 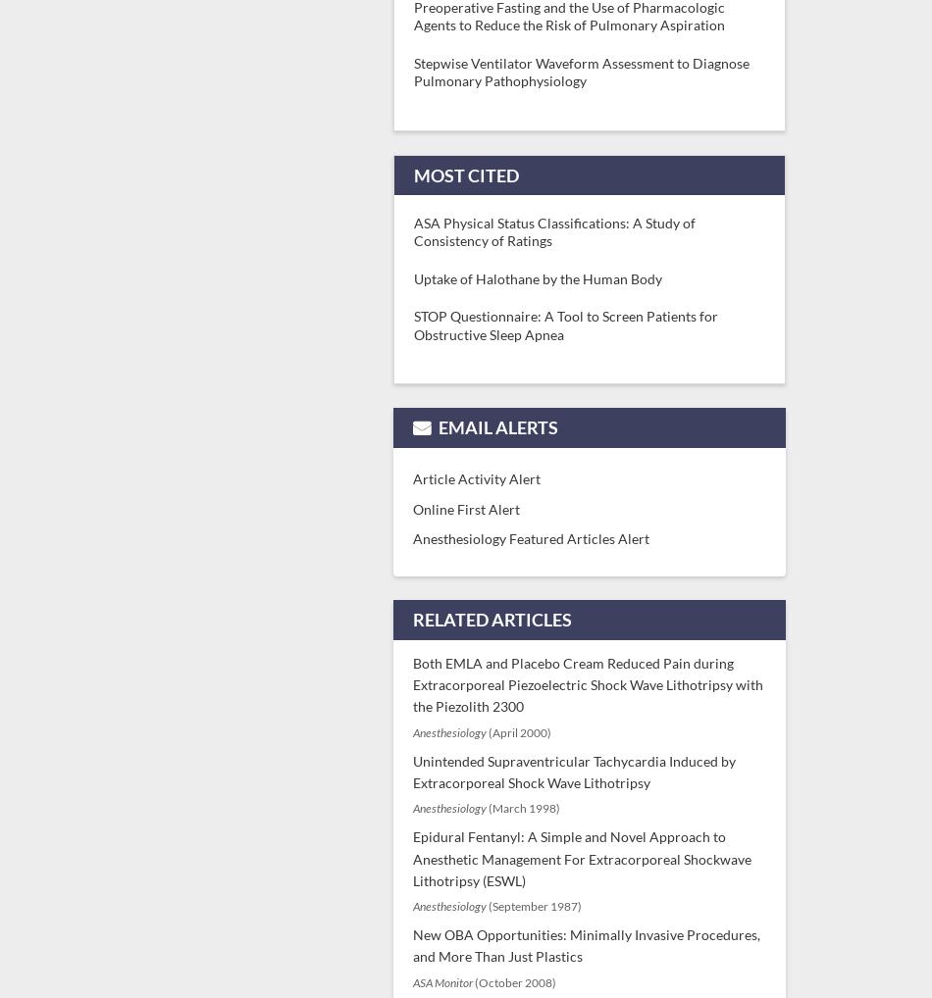 I want to click on 'Epidural Fentanyl:  A Simple and Novel Approach to Anesthetic Management For Extracorporeal Shockwave Lithotripsy (ESWL)', so click(x=582, y=858).